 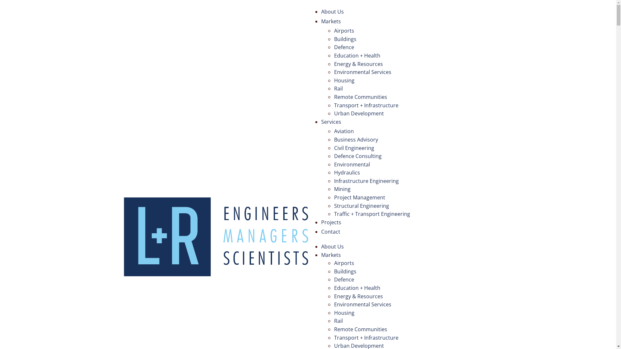 I want to click on 'Defence Consulting', so click(x=334, y=156).